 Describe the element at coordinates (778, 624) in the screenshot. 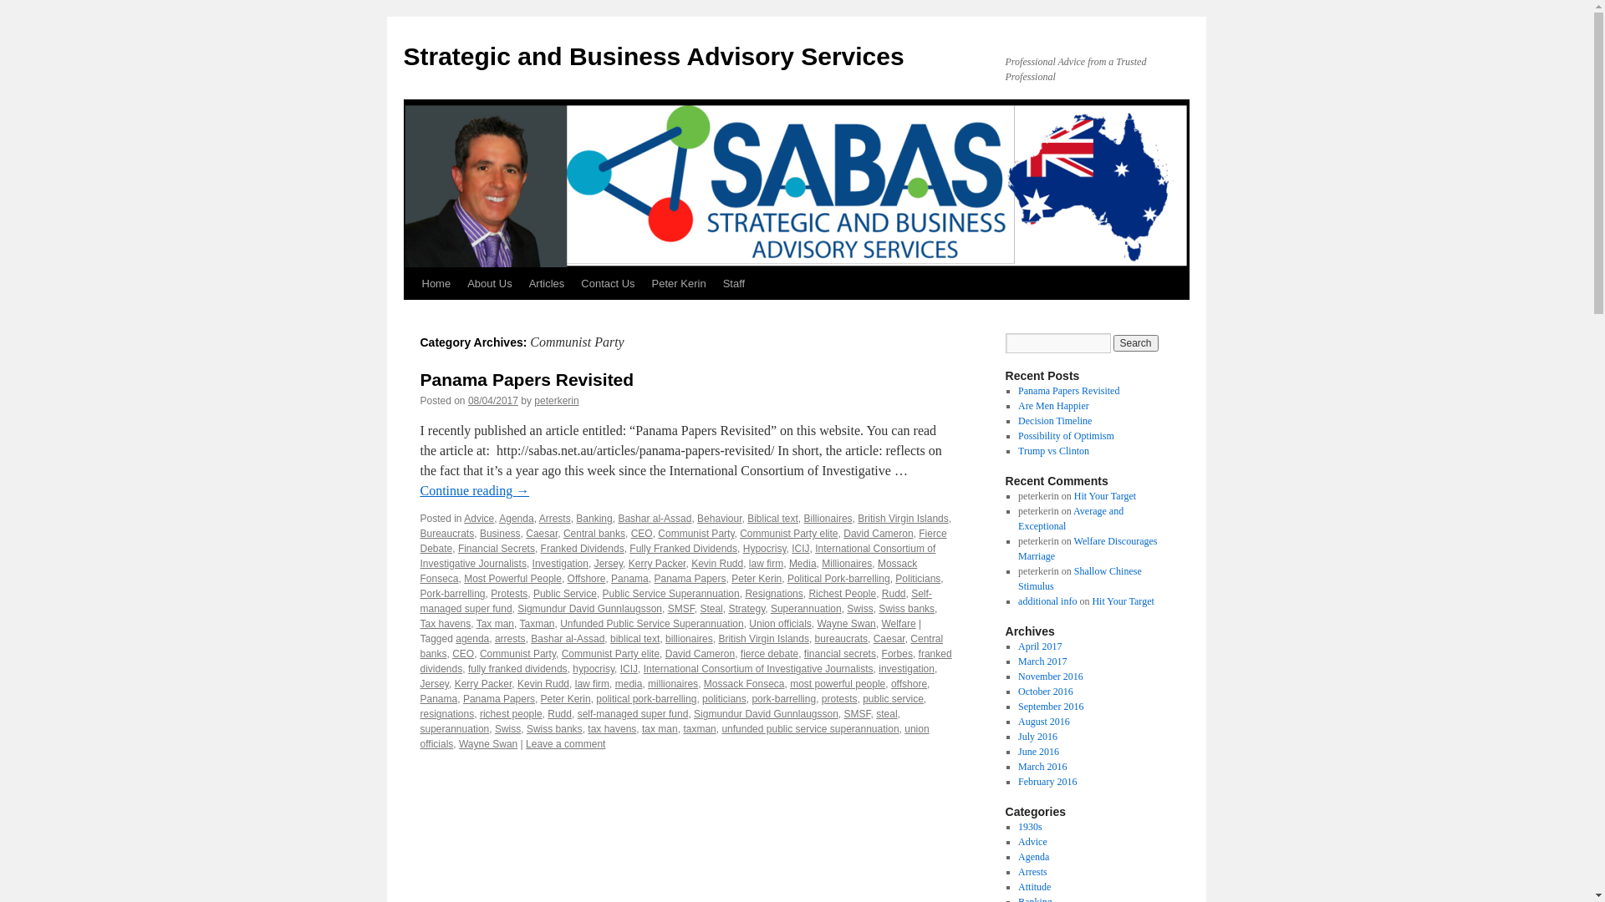

I see `'Union officials'` at that location.